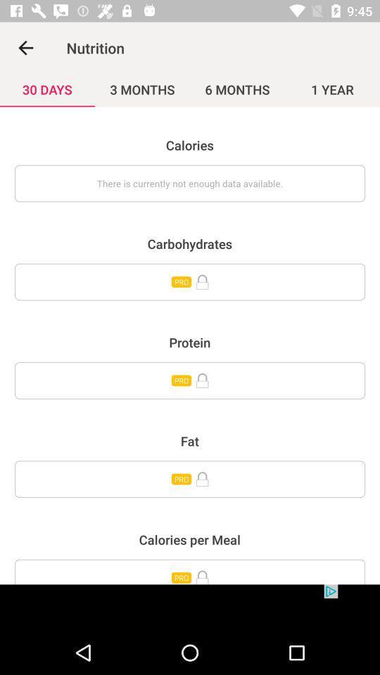 Image resolution: width=380 pixels, height=675 pixels. Describe the element at coordinates (190, 380) in the screenshot. I see `unlock pro feature` at that location.